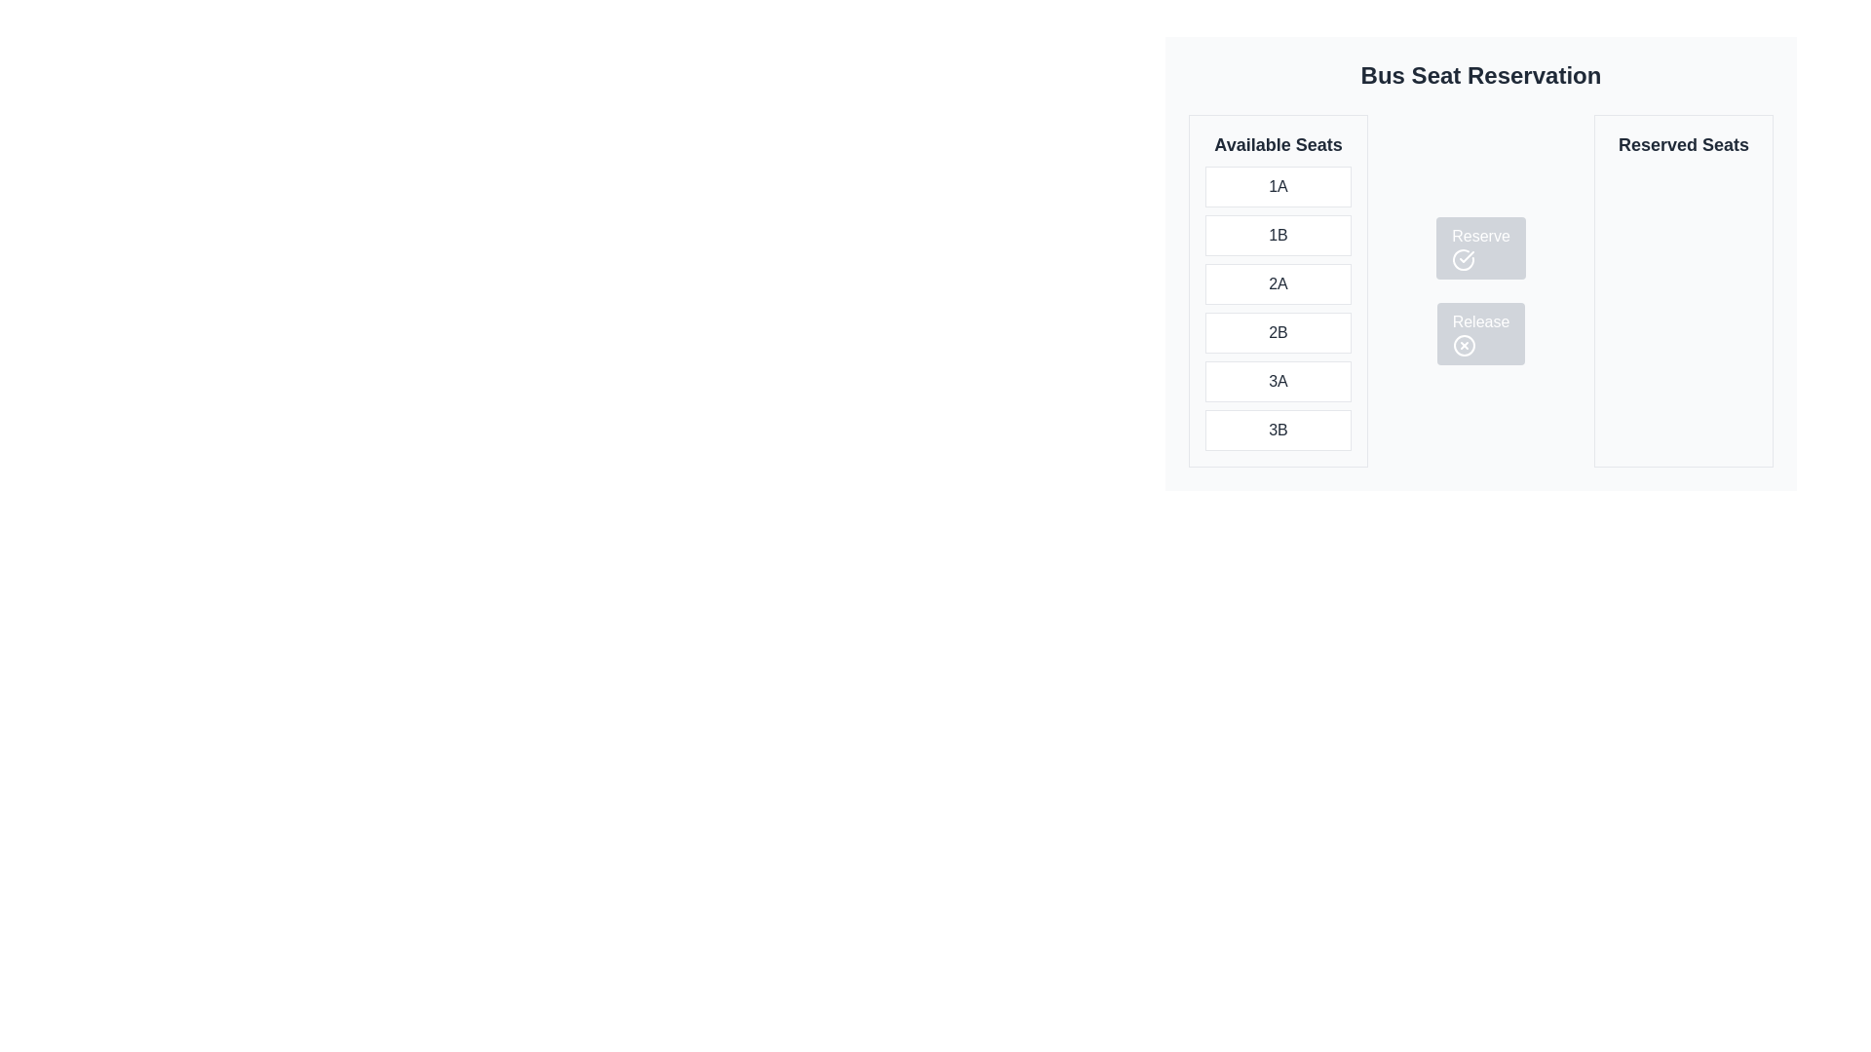  Describe the element at coordinates (1481, 291) in the screenshot. I see `the interactive elements of the Grid layout section within the 'Bus Seat Reservation' interface` at that location.